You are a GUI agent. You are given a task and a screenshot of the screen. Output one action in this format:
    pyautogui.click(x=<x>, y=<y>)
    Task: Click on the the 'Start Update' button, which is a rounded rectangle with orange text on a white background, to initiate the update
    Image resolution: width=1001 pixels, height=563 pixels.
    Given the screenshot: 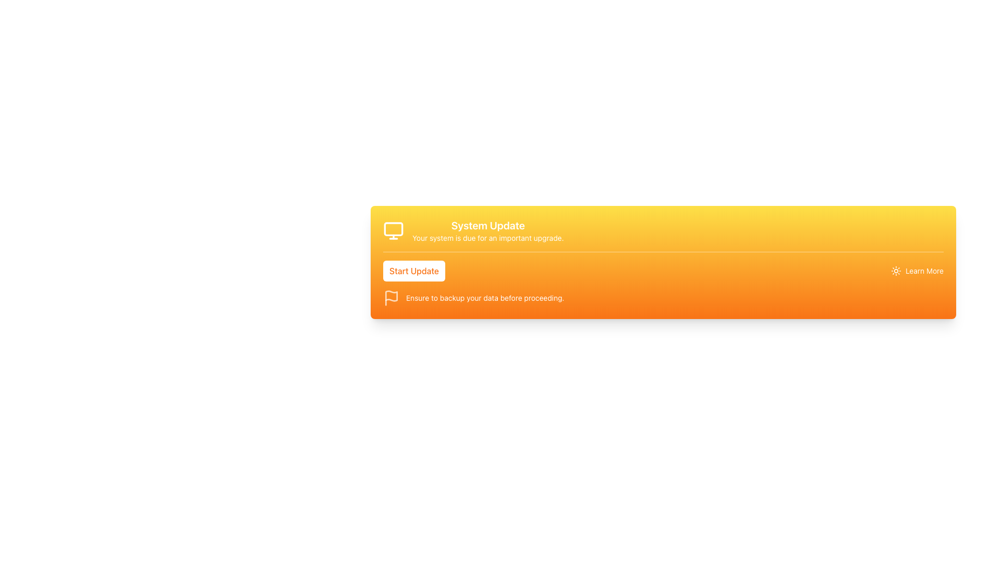 What is the action you would take?
    pyautogui.click(x=413, y=271)
    